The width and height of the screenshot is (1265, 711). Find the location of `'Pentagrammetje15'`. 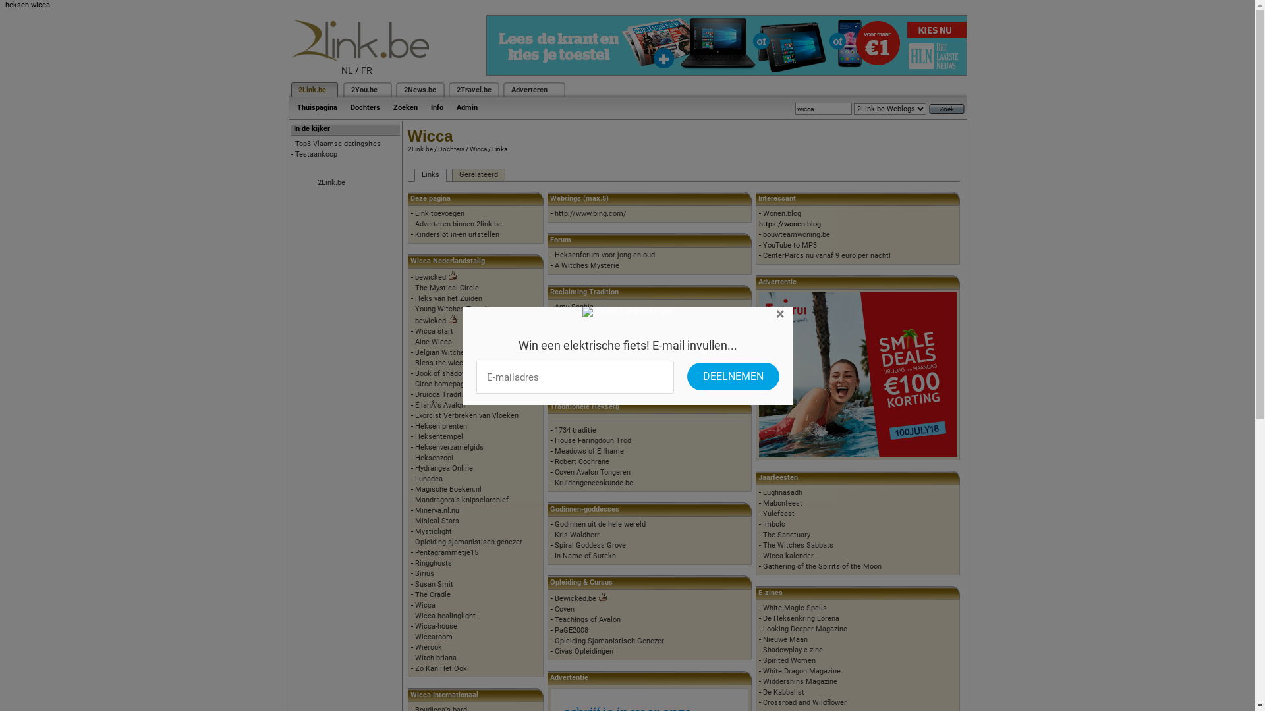

'Pentagrammetje15' is located at coordinates (446, 552).